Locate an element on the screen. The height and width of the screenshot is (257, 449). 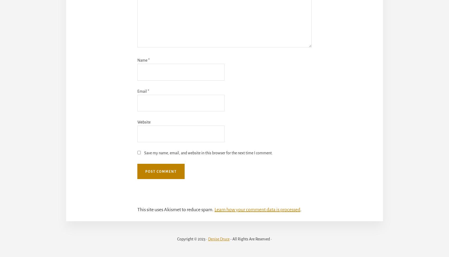
'This site uses Akismet to reduce spam.' is located at coordinates (176, 209).